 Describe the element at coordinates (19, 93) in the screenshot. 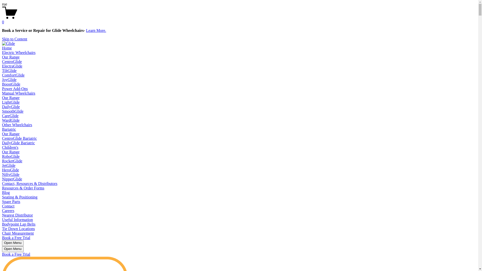

I see `'Manual Wheelchairs'` at that location.